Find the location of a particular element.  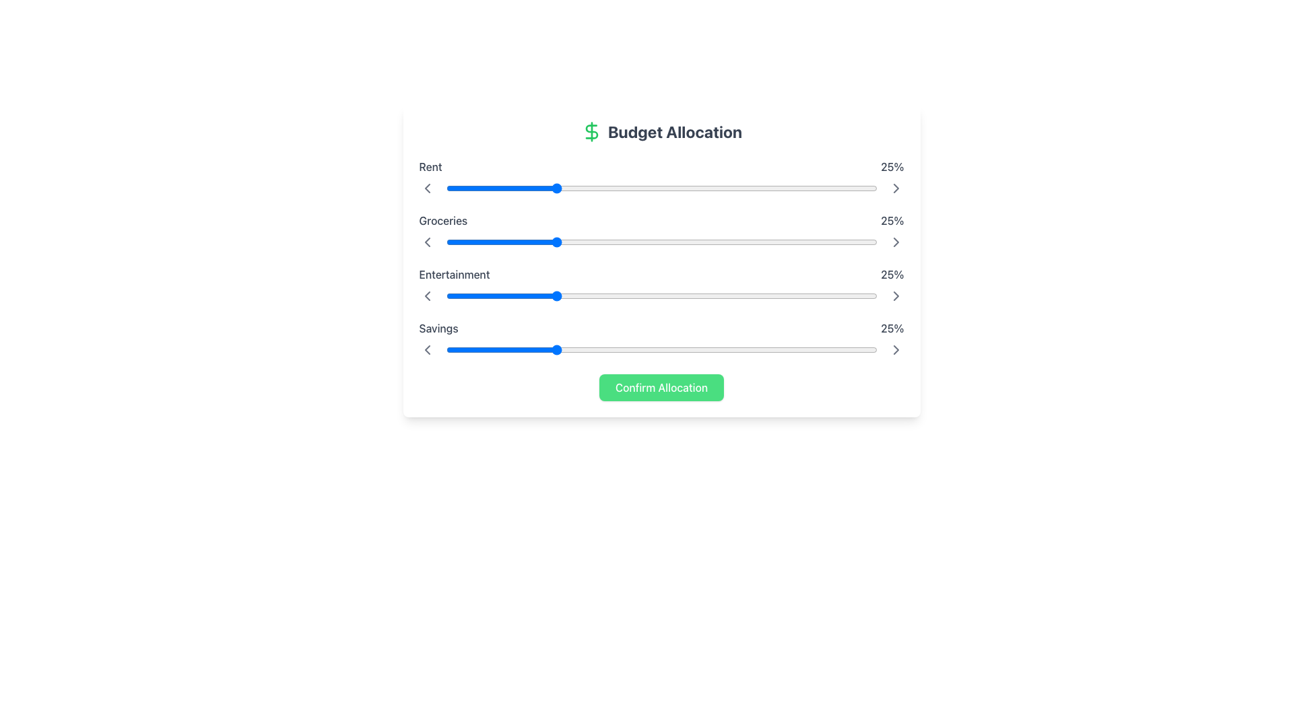

the groceries allocation percentage is located at coordinates (455, 241).